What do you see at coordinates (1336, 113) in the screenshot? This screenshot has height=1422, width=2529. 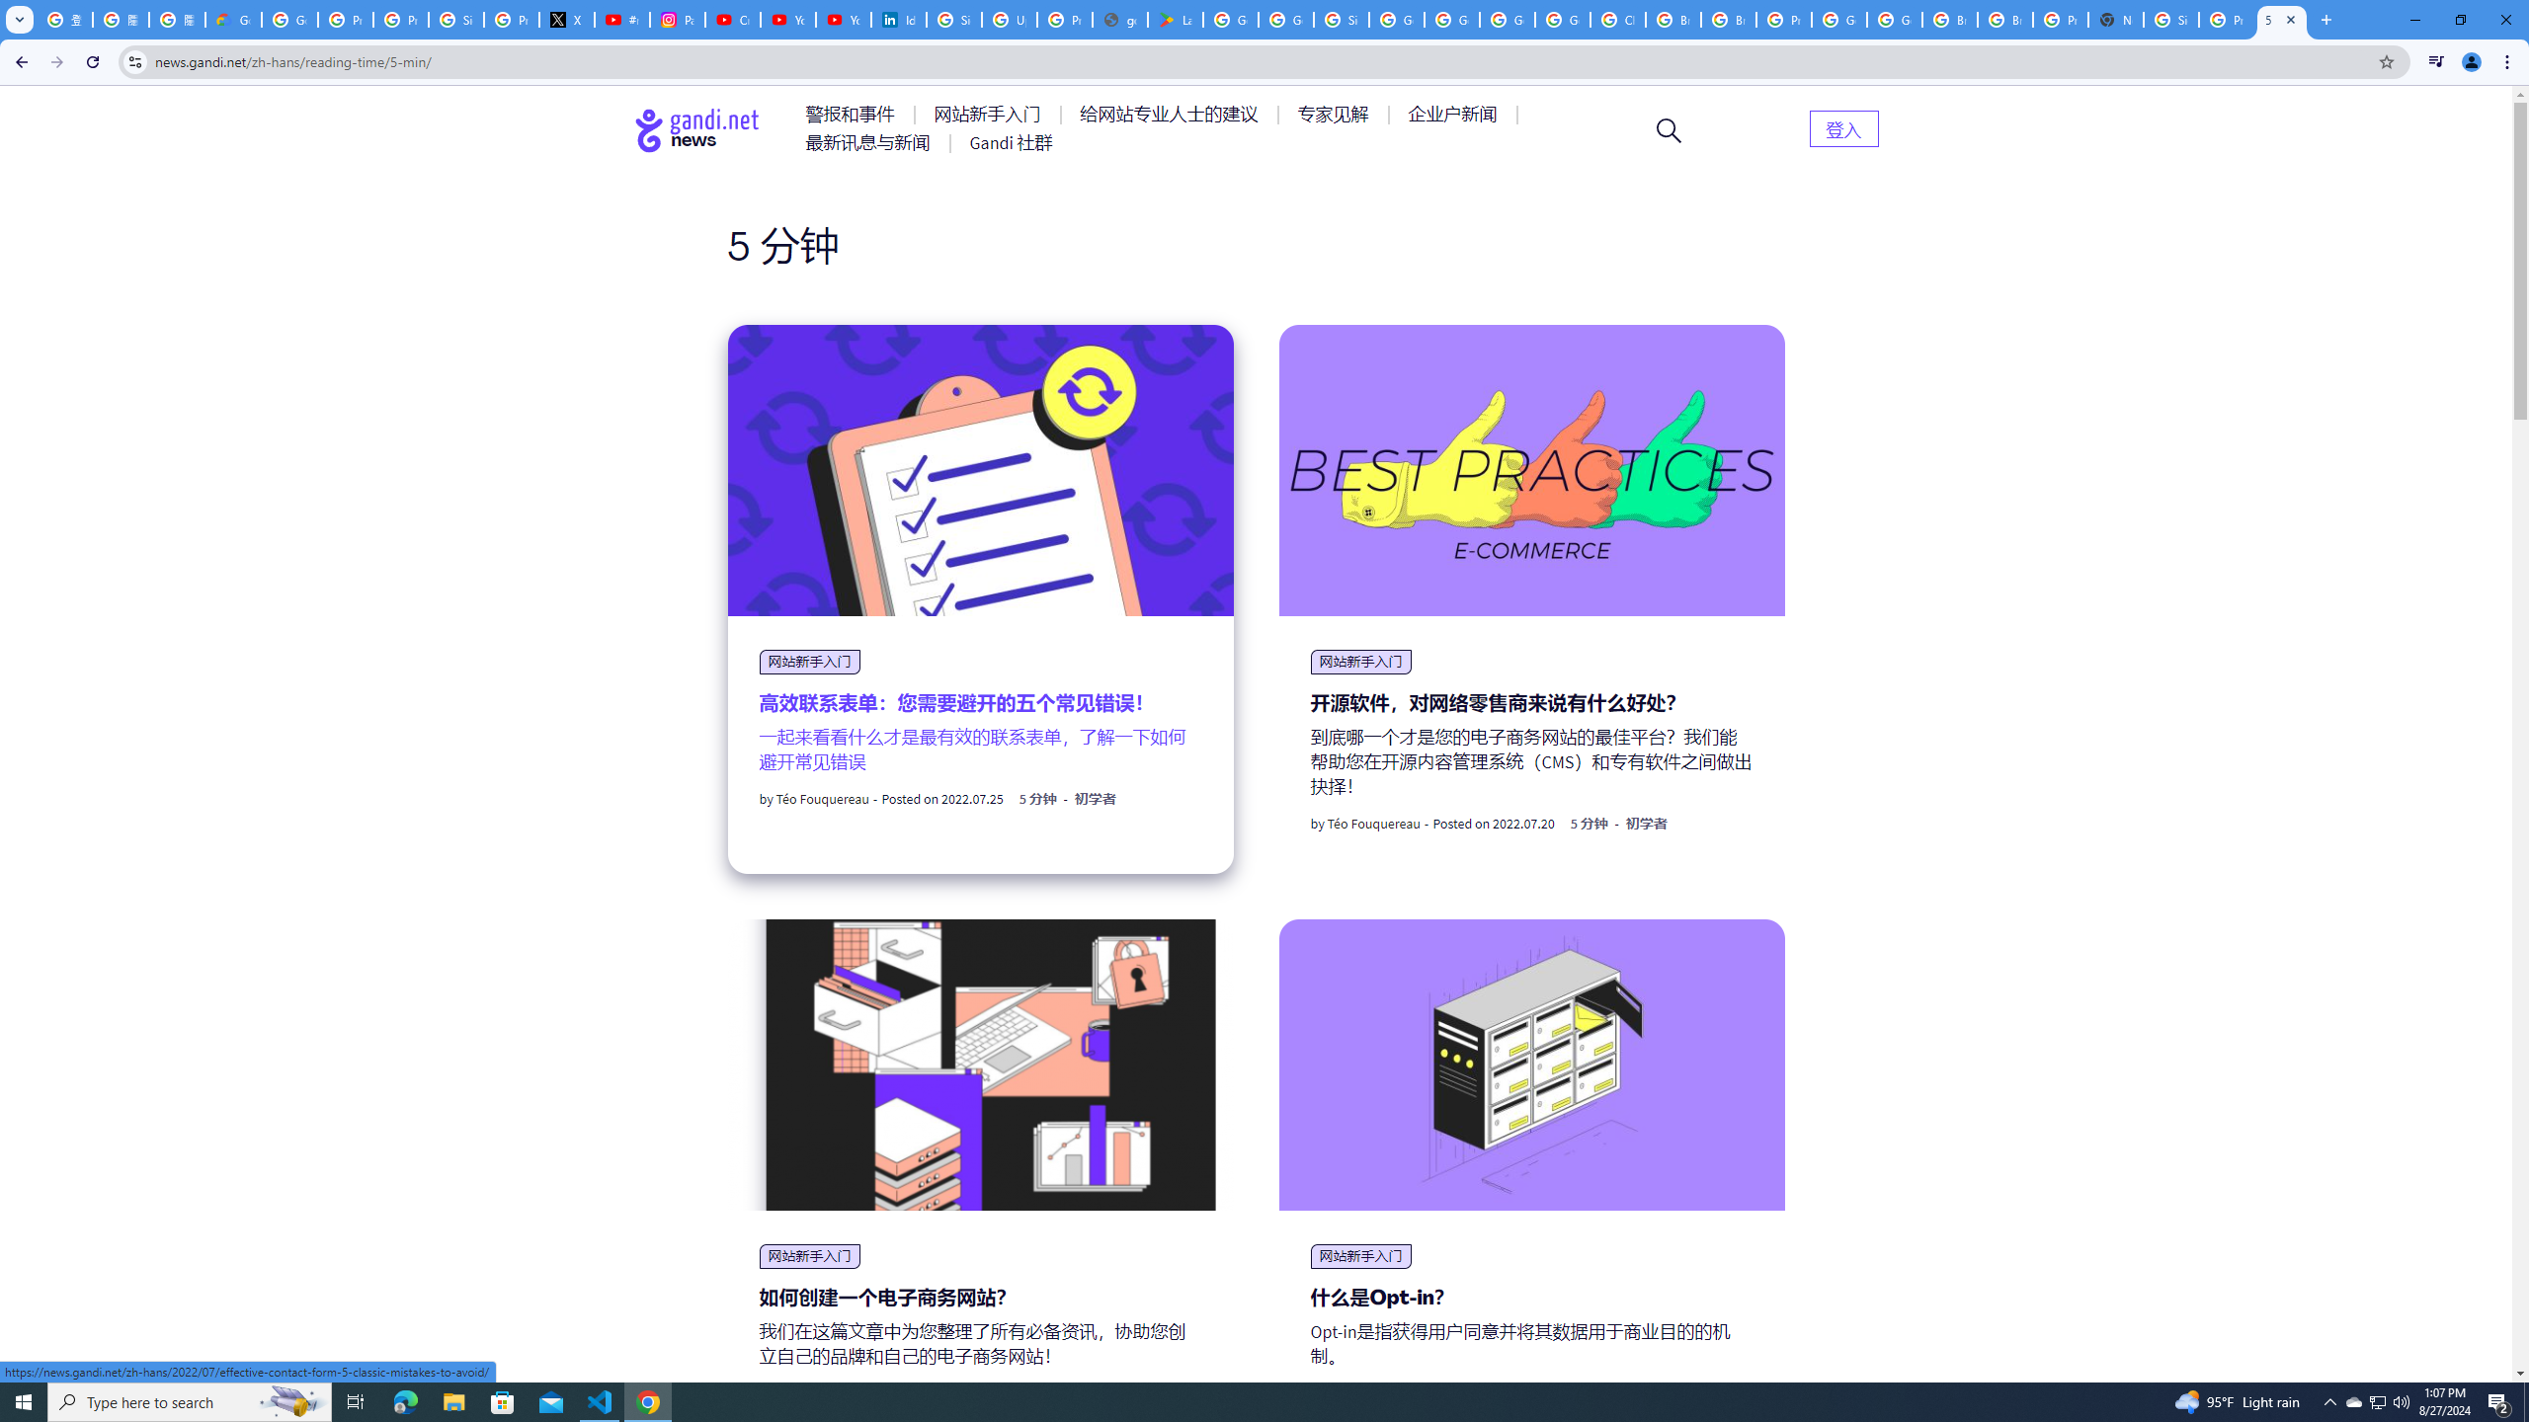 I see `'AutomationID: menu-item-77764'` at bounding box center [1336, 113].